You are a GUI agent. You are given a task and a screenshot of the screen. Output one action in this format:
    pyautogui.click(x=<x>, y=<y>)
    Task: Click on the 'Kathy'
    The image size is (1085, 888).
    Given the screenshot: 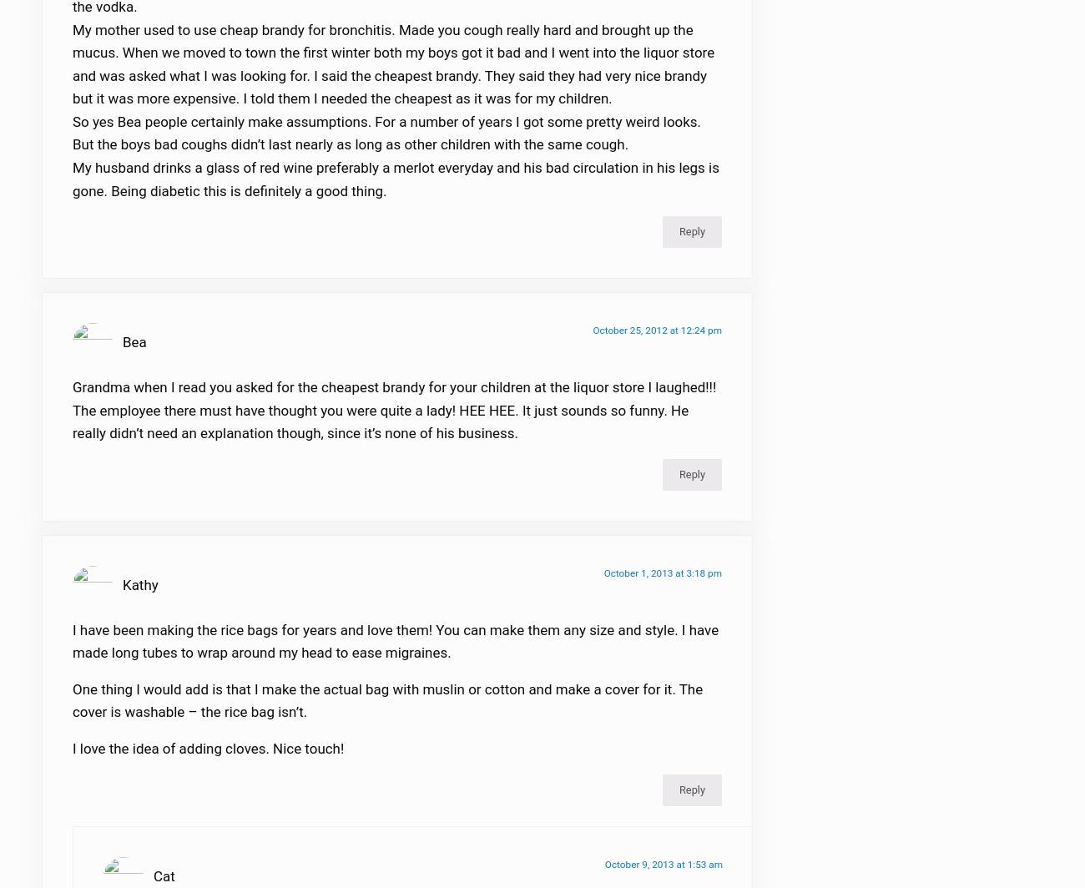 What is the action you would take?
    pyautogui.click(x=139, y=594)
    